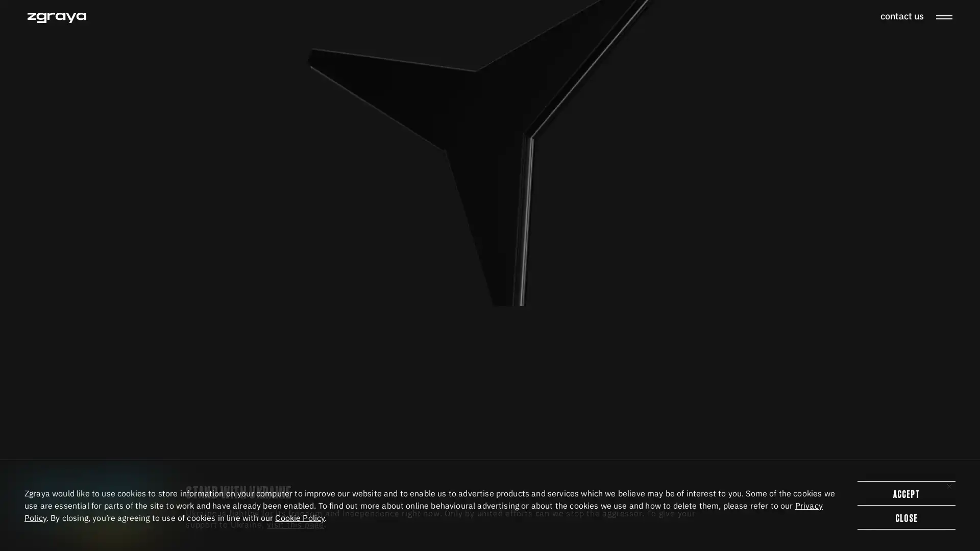  Describe the element at coordinates (906, 493) in the screenshot. I see `allow cookies` at that location.